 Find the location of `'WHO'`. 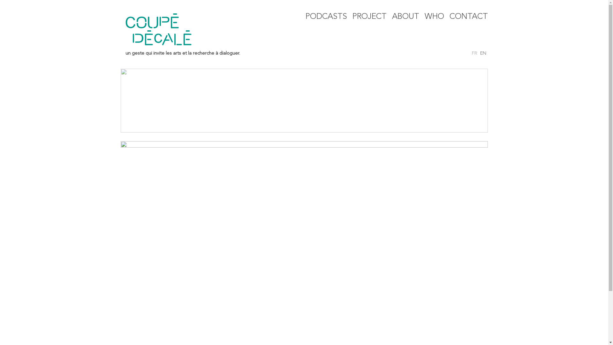

'WHO' is located at coordinates (434, 16).